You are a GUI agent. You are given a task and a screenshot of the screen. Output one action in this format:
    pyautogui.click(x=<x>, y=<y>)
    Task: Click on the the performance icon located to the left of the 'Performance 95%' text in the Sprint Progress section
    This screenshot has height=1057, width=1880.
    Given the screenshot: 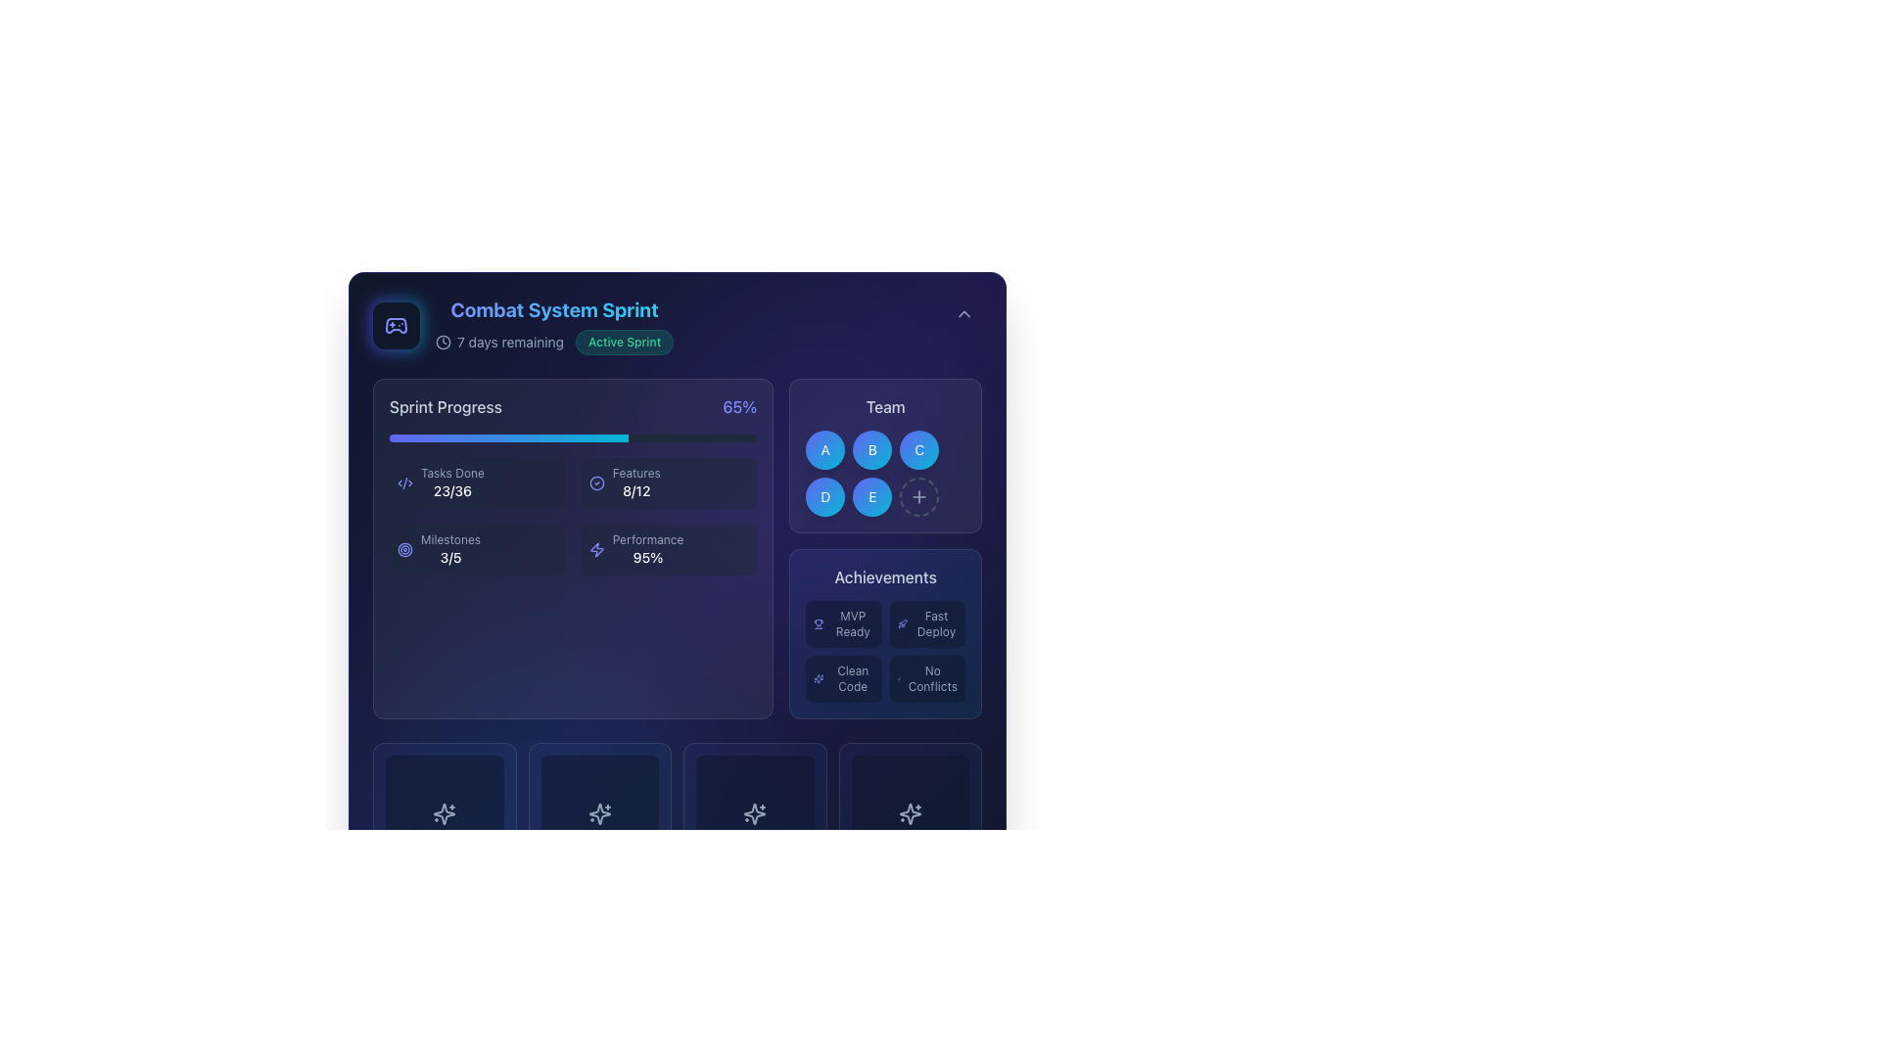 What is the action you would take?
    pyautogui.click(x=595, y=550)
    